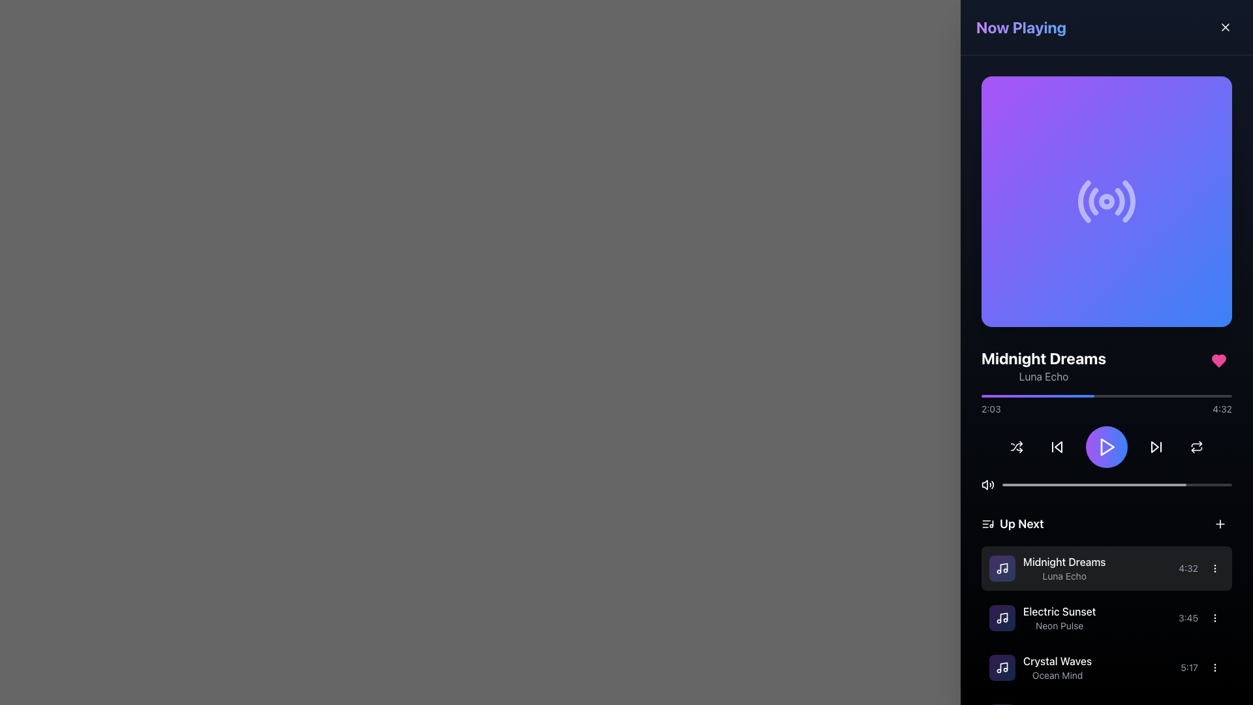 The height and width of the screenshot is (705, 1253). What do you see at coordinates (1043, 377) in the screenshot?
I see `text label containing 'Luna Echo', which is styled in gray and positioned below 'Midnight Dreams' in the 'Now Playing' section` at bounding box center [1043, 377].